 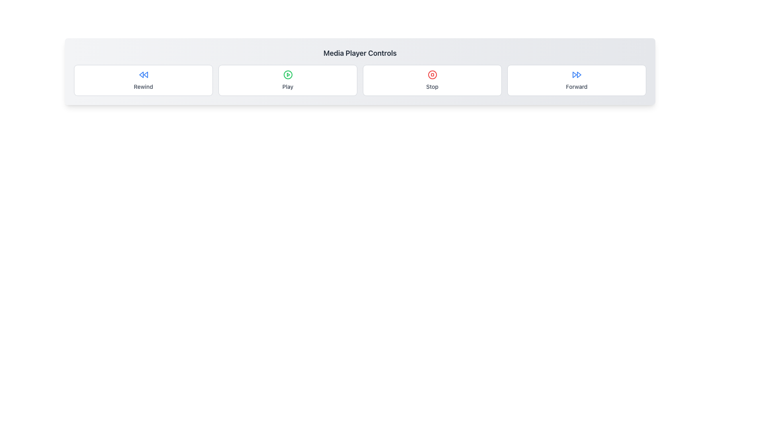 What do you see at coordinates (577, 75) in the screenshot?
I see `'Forward' media control button, identified by the fast-forward SVG icon located above the text label 'Forward'` at bounding box center [577, 75].